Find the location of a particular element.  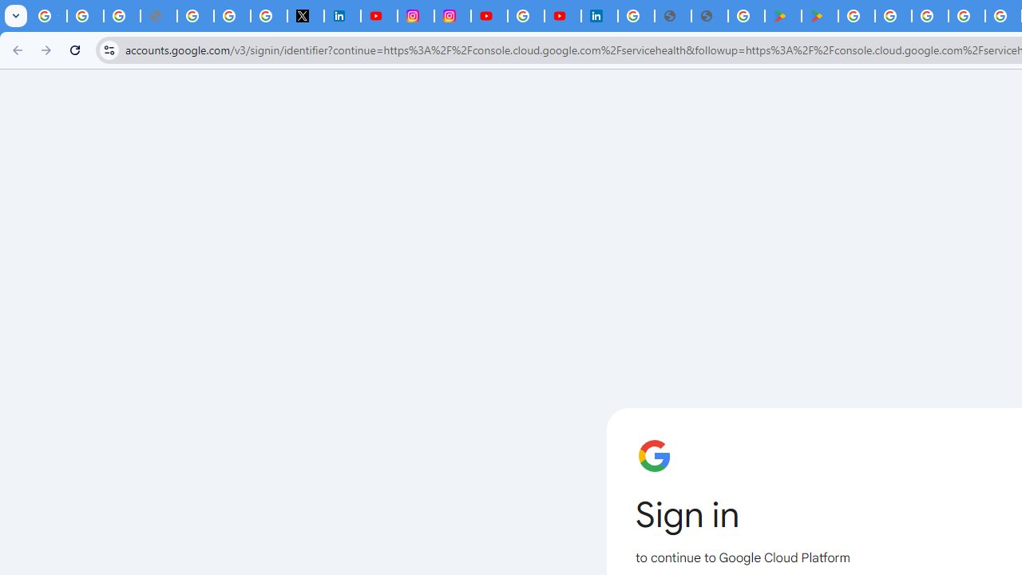

'PAW Patrol Rescue World - Apps on Google Play' is located at coordinates (819, 16).